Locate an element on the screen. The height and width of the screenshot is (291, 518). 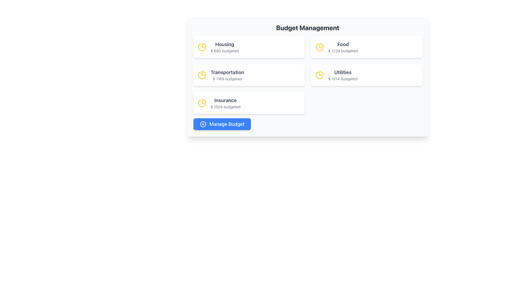
second pie-chart slice shape, which is yellow and part of the Housing entry in the budget management panel, using developer tools is located at coordinates (202, 47).